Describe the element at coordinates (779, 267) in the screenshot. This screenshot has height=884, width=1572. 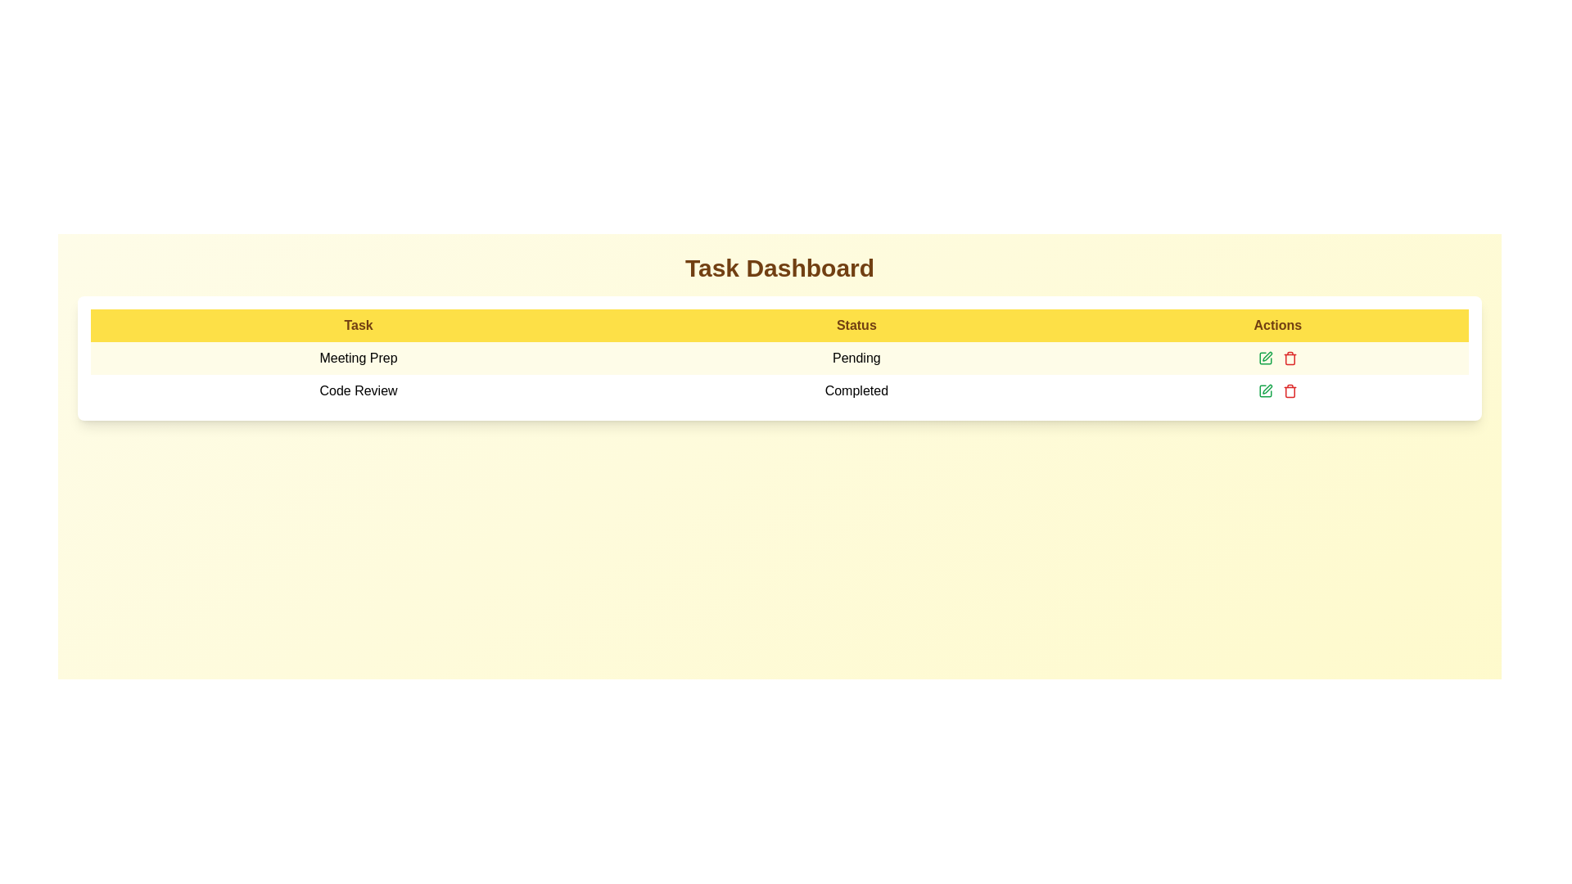
I see `text heading 'Task Dashboard' which is styled bold and large in a yellowish-brown color, located at the top section above the task table` at that location.